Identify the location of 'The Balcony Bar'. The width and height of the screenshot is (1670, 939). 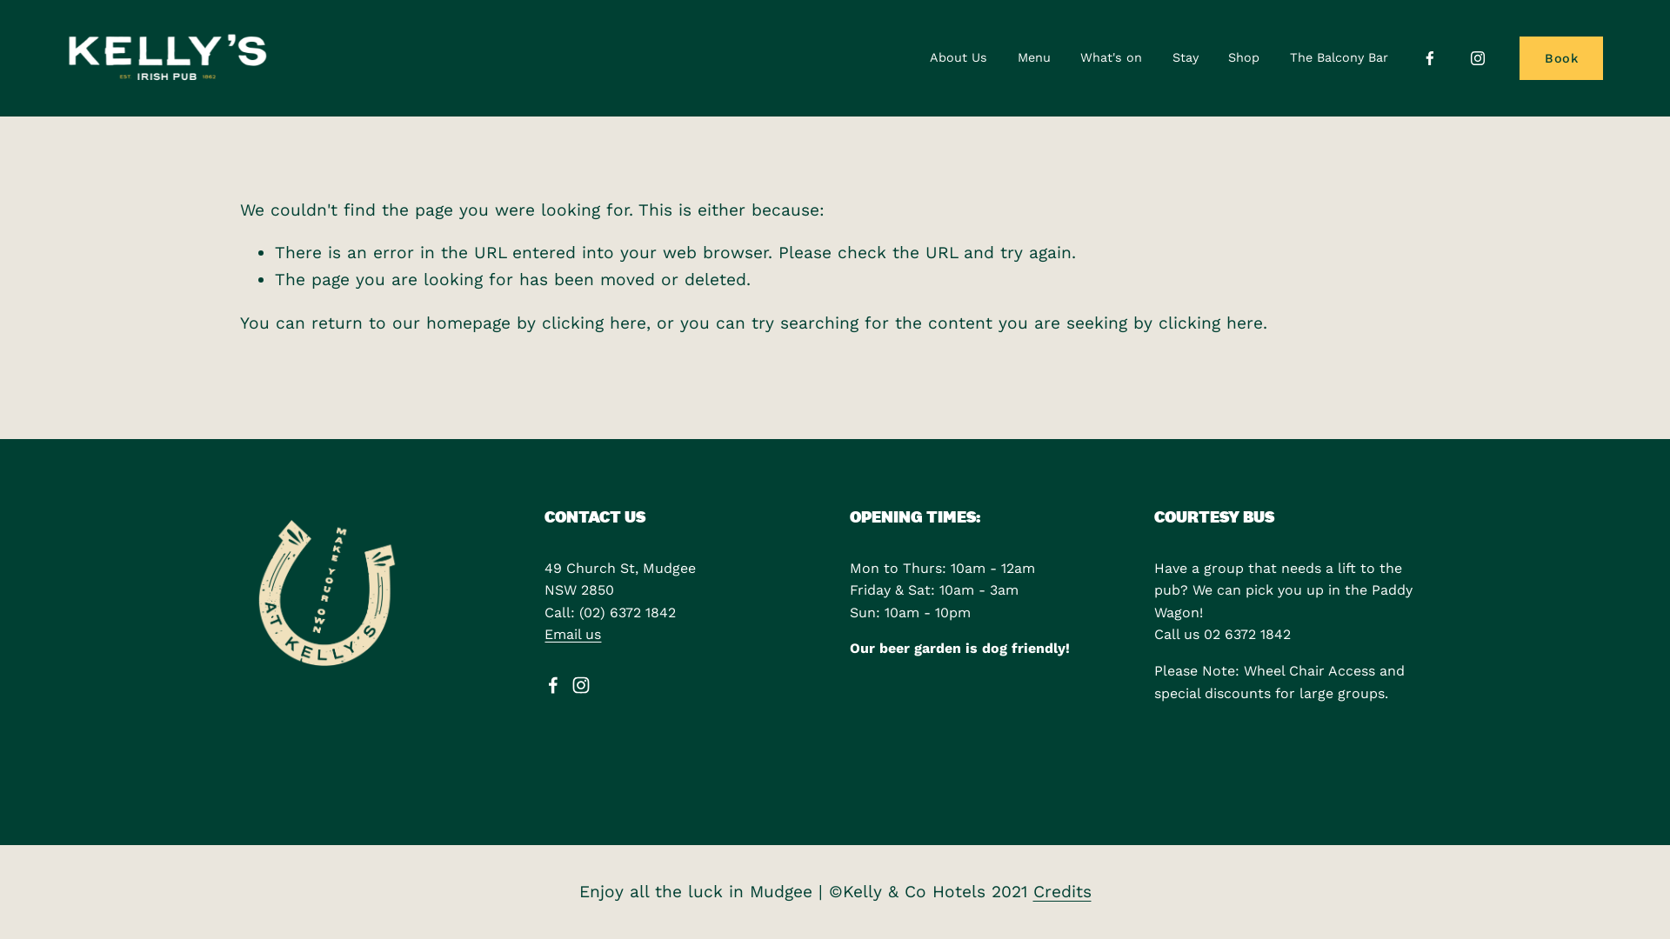
(1338, 57).